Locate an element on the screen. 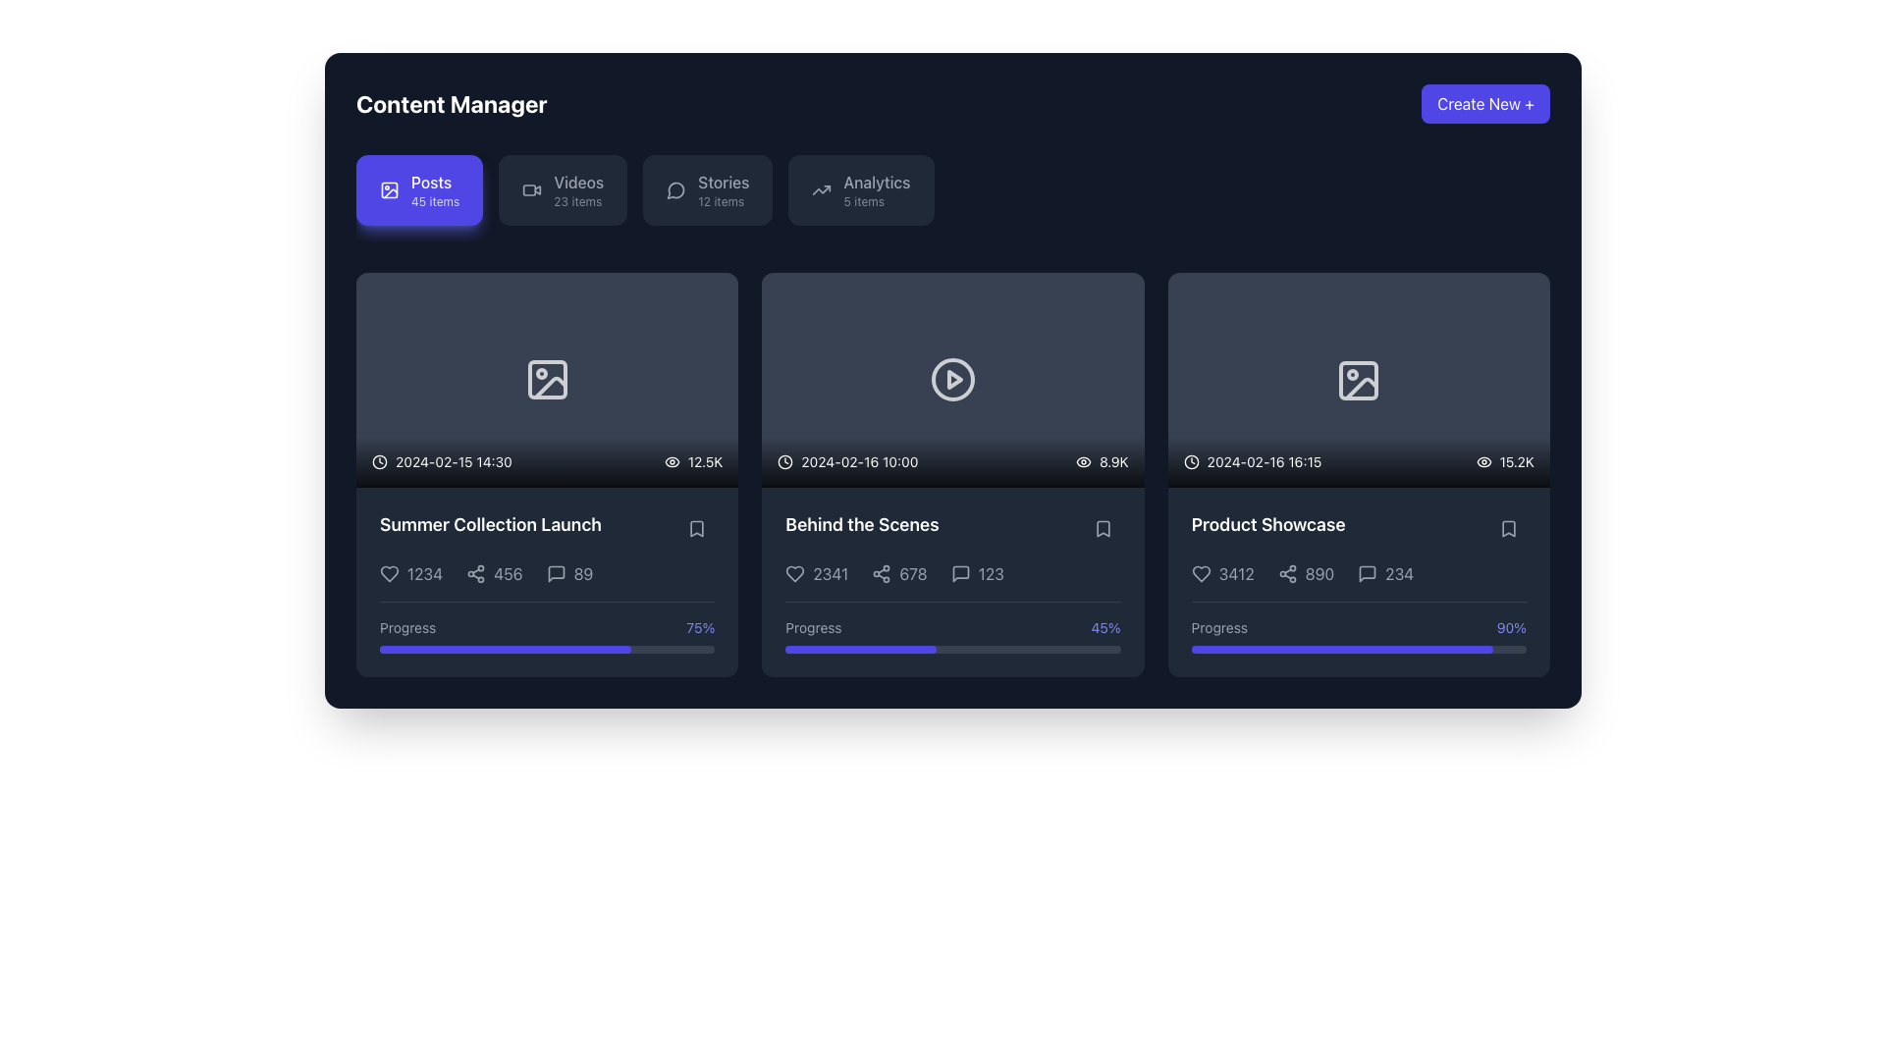 The width and height of the screenshot is (1885, 1060). the circular bookmark button located at the upper-right corner of the 'Behind the Scenes' card to bookmark the card is located at coordinates (1103, 528).